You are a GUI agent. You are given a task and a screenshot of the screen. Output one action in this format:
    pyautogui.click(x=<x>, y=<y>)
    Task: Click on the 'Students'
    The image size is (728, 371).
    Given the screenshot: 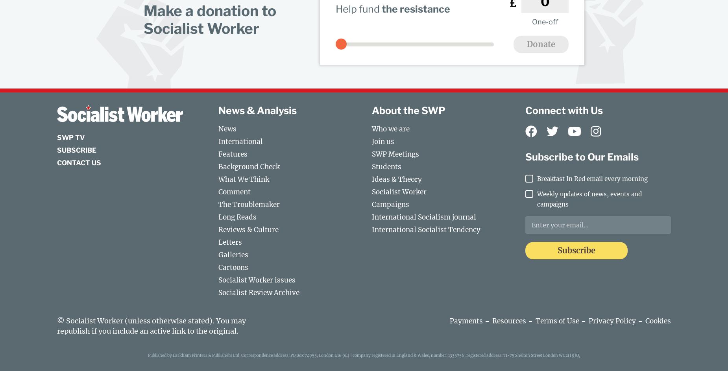 What is the action you would take?
    pyautogui.click(x=386, y=166)
    